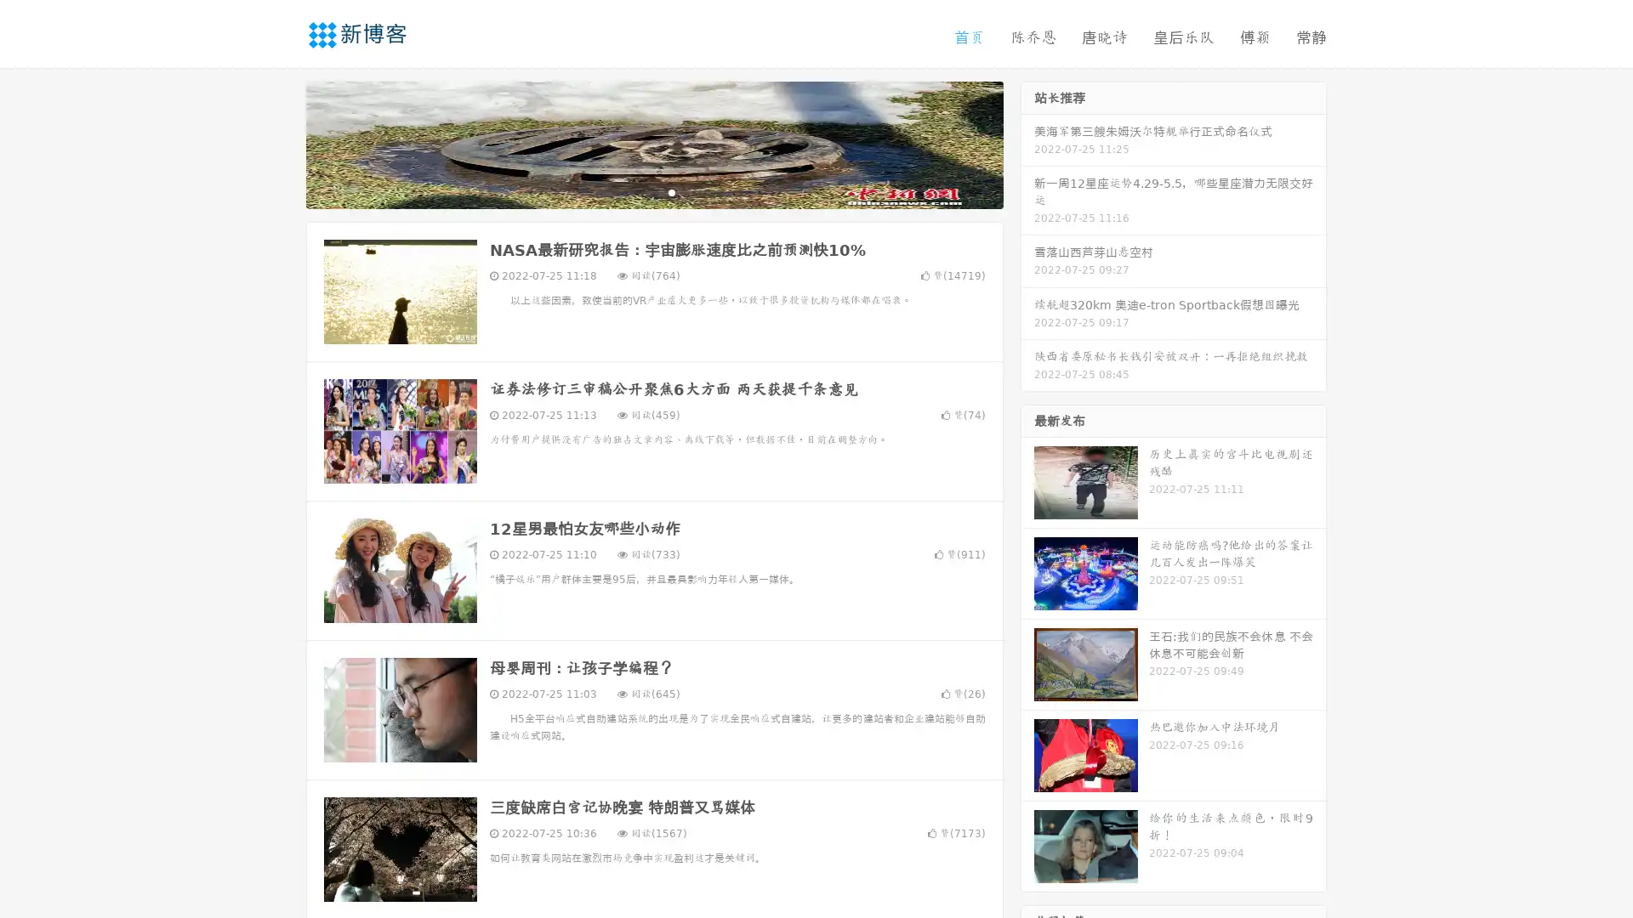  Describe the element at coordinates (671, 191) in the screenshot. I see `Go to slide 3` at that location.